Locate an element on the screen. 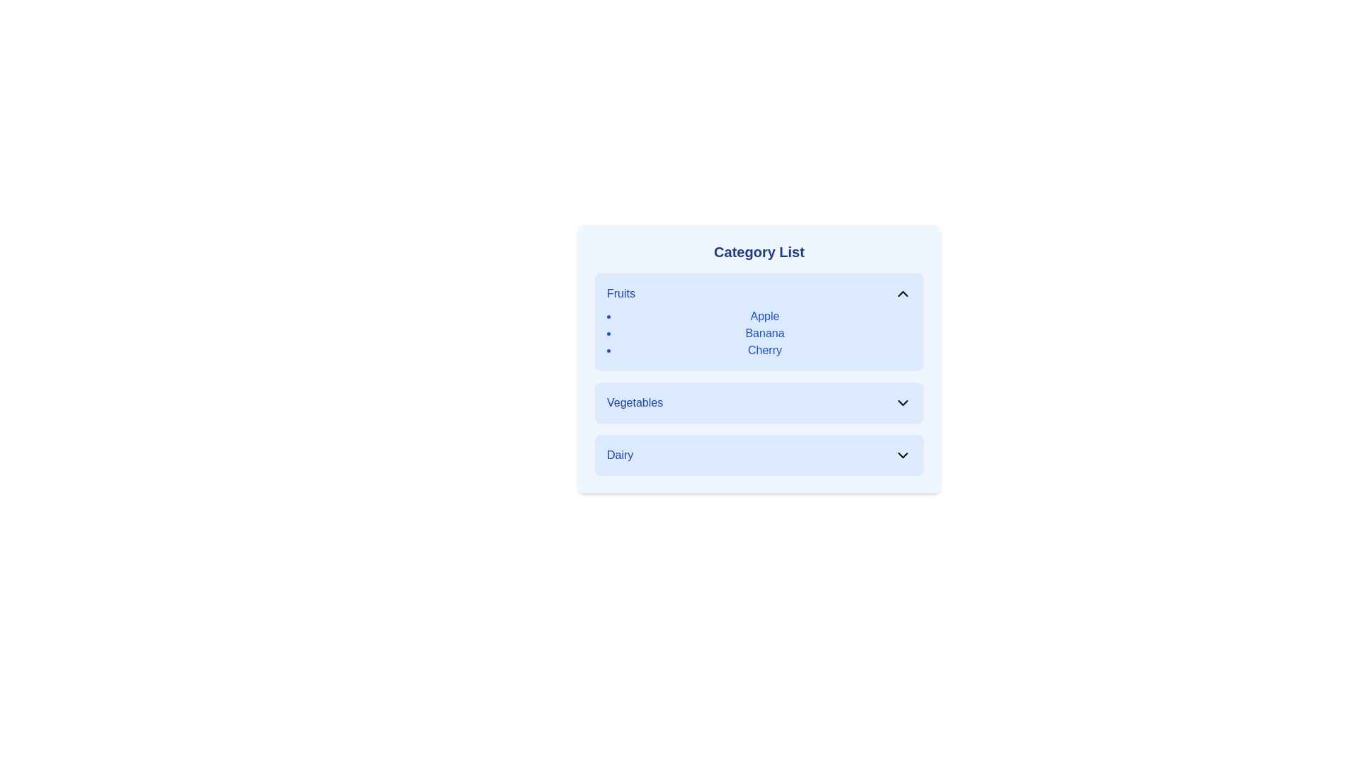  the third Text Label in the 'Fruits' section, positioned below 'Banana' and serving a visual organizational purpose is located at coordinates (764, 350).